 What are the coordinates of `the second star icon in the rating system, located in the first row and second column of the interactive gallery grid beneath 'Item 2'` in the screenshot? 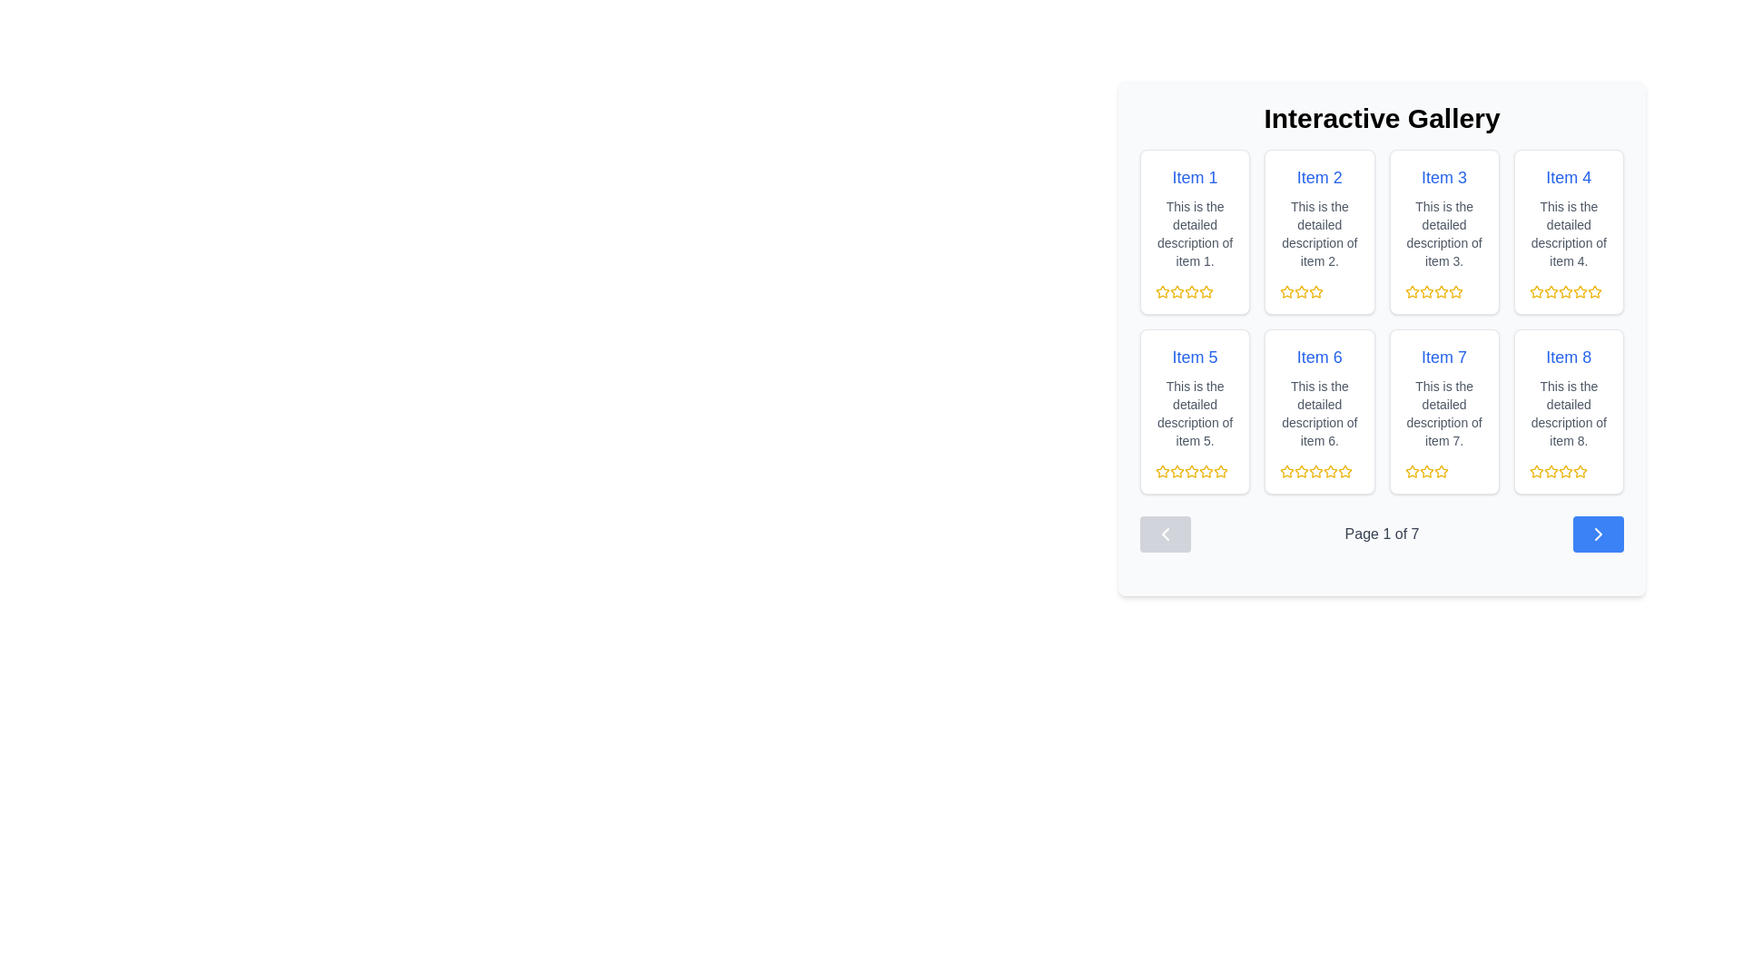 It's located at (1316, 290).